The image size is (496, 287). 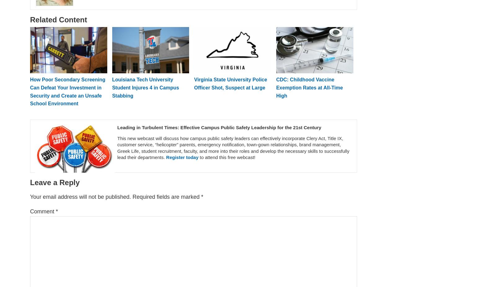 I want to click on 'Comment', so click(x=29, y=211).